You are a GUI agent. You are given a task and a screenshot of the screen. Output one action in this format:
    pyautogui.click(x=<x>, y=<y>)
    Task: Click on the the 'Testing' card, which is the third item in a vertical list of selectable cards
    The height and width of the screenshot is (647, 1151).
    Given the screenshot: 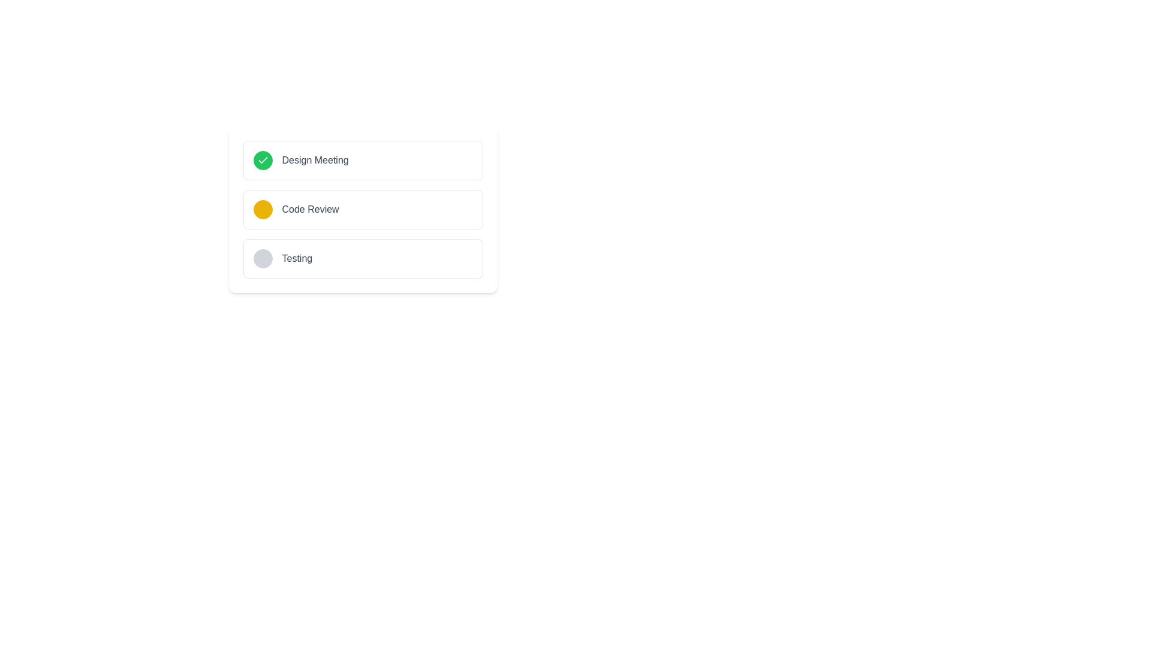 What is the action you would take?
    pyautogui.click(x=362, y=258)
    